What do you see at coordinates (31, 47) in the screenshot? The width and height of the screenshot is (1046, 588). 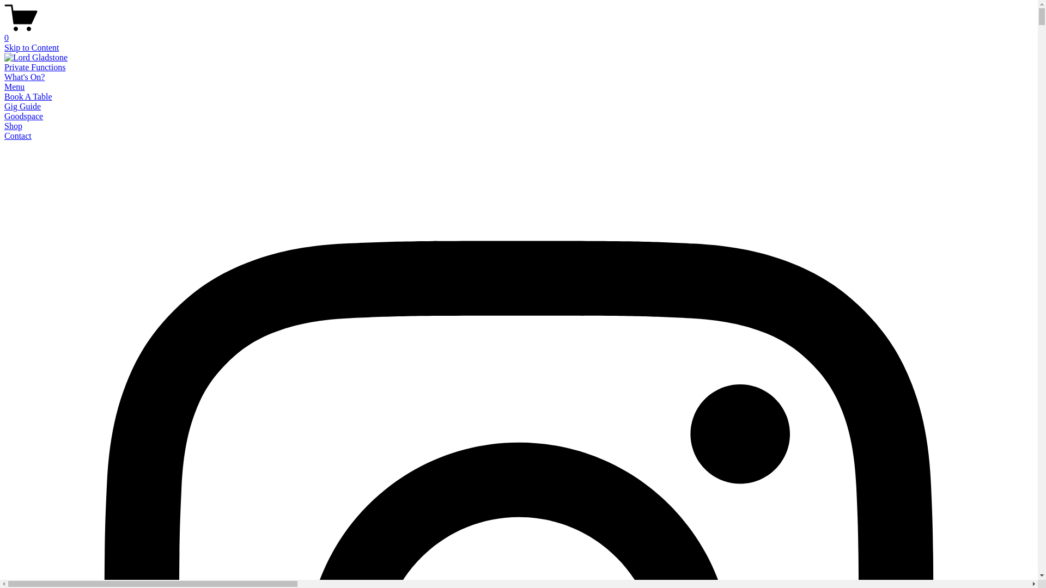 I see `'Skip to Content'` at bounding box center [31, 47].